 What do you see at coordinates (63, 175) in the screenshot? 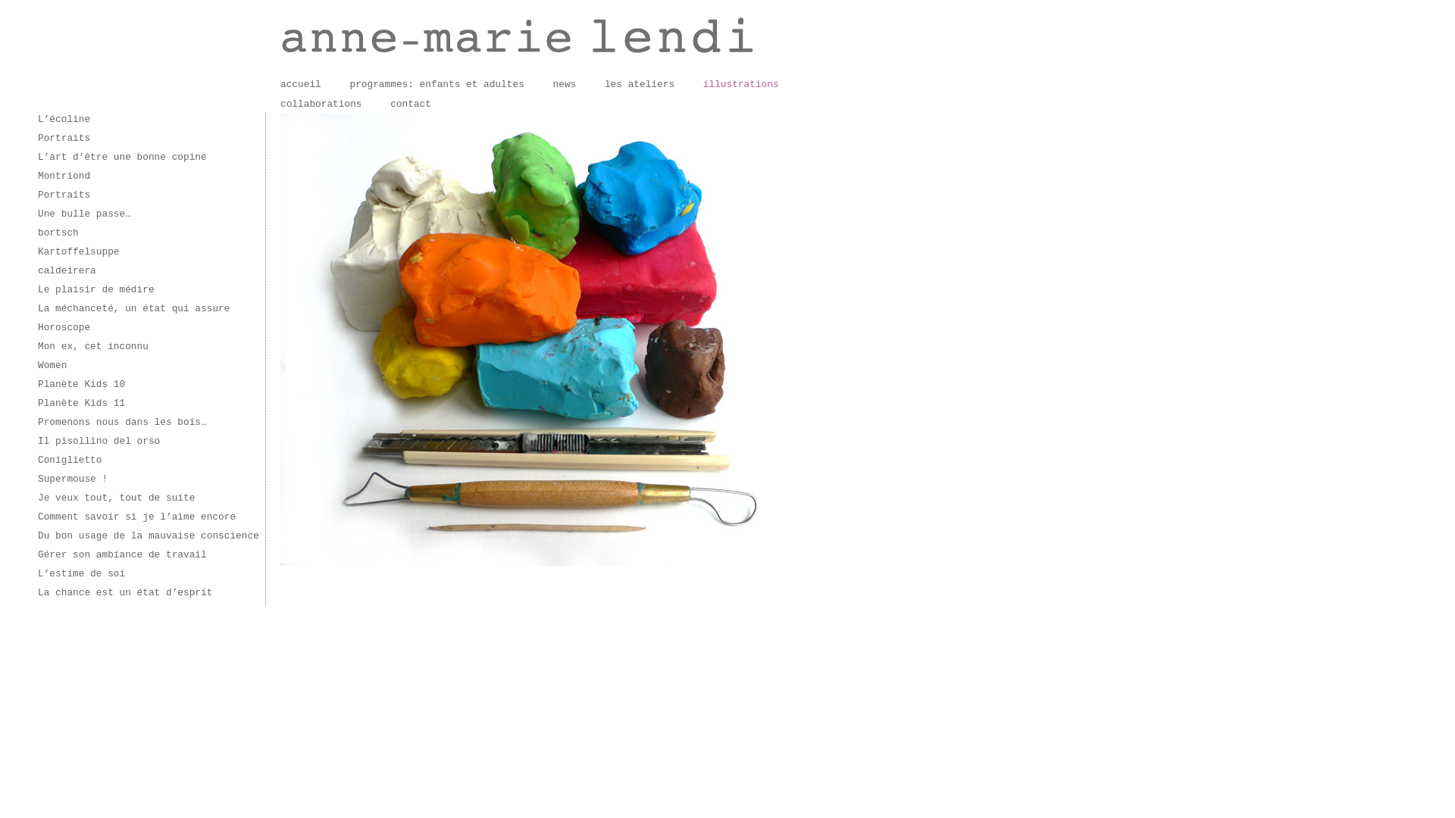
I see `'Montriond'` at bounding box center [63, 175].